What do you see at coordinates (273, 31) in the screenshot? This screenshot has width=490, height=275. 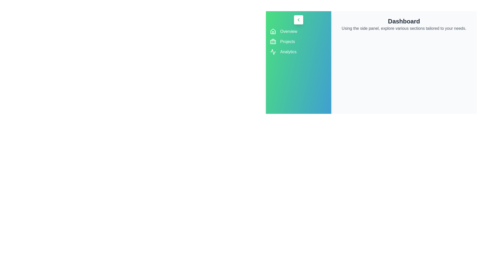 I see `the Overview icon to observe its hover effect` at bounding box center [273, 31].